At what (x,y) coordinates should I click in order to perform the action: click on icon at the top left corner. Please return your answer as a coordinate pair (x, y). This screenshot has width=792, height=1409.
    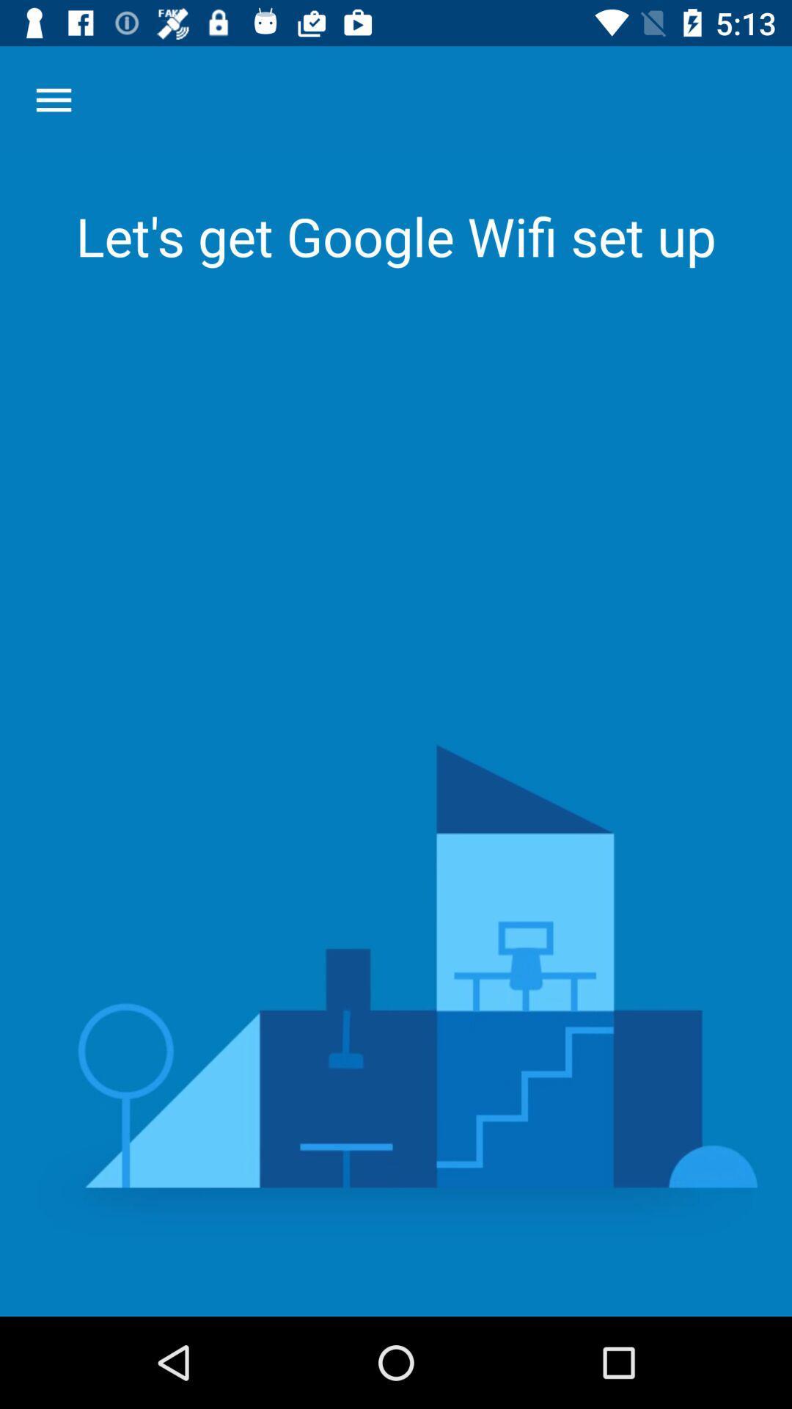
    Looking at the image, I should click on (53, 99).